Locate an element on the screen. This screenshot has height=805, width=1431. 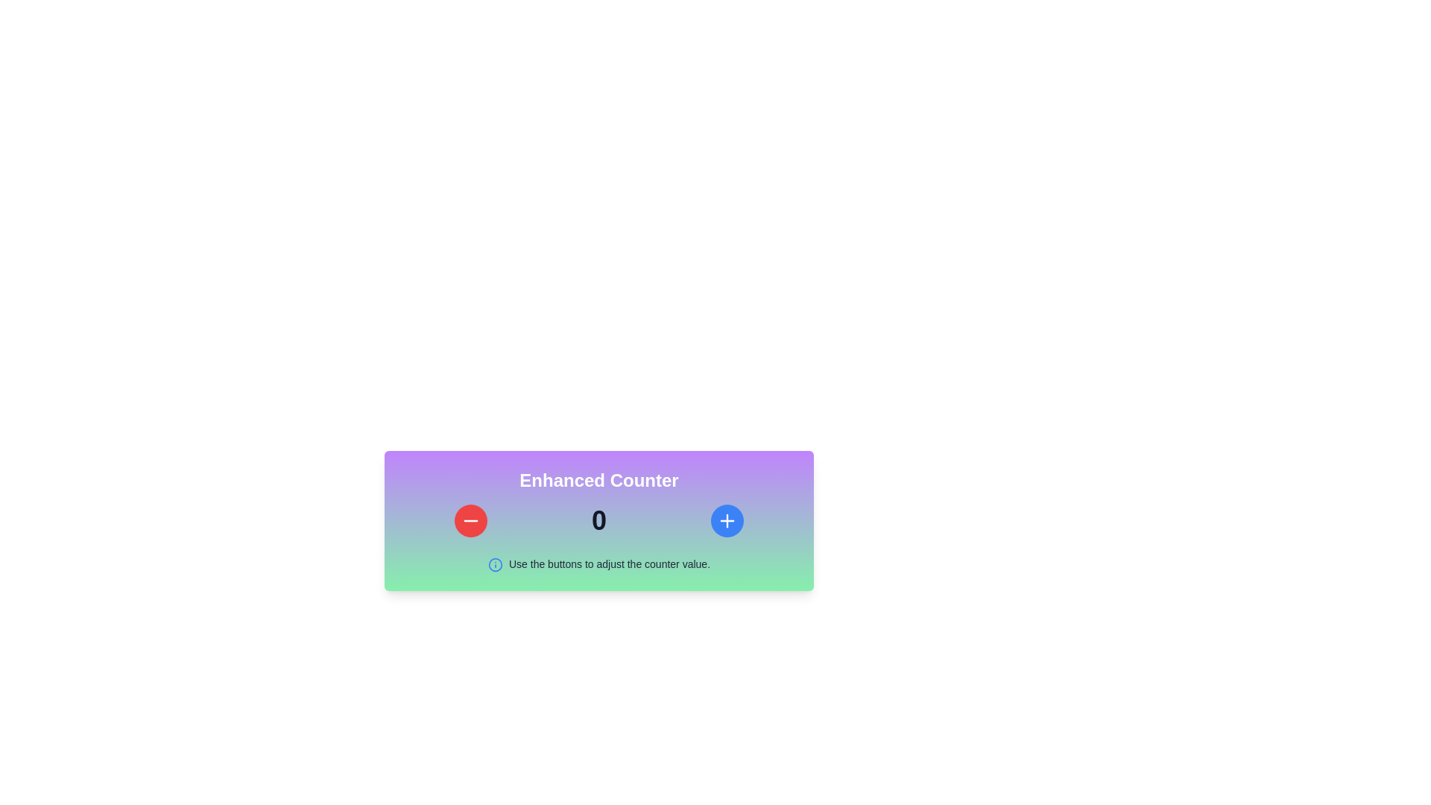
the static text label that instructs 'Use the buttons to adjust the counter value.' positioned centrally below the counter display is located at coordinates (609, 563).